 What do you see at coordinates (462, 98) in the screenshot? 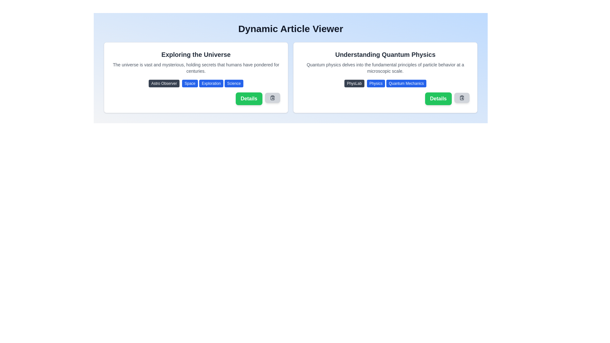
I see `the button with rounded corners and a clipboard icon, located to the right of the 'Details' button` at bounding box center [462, 98].